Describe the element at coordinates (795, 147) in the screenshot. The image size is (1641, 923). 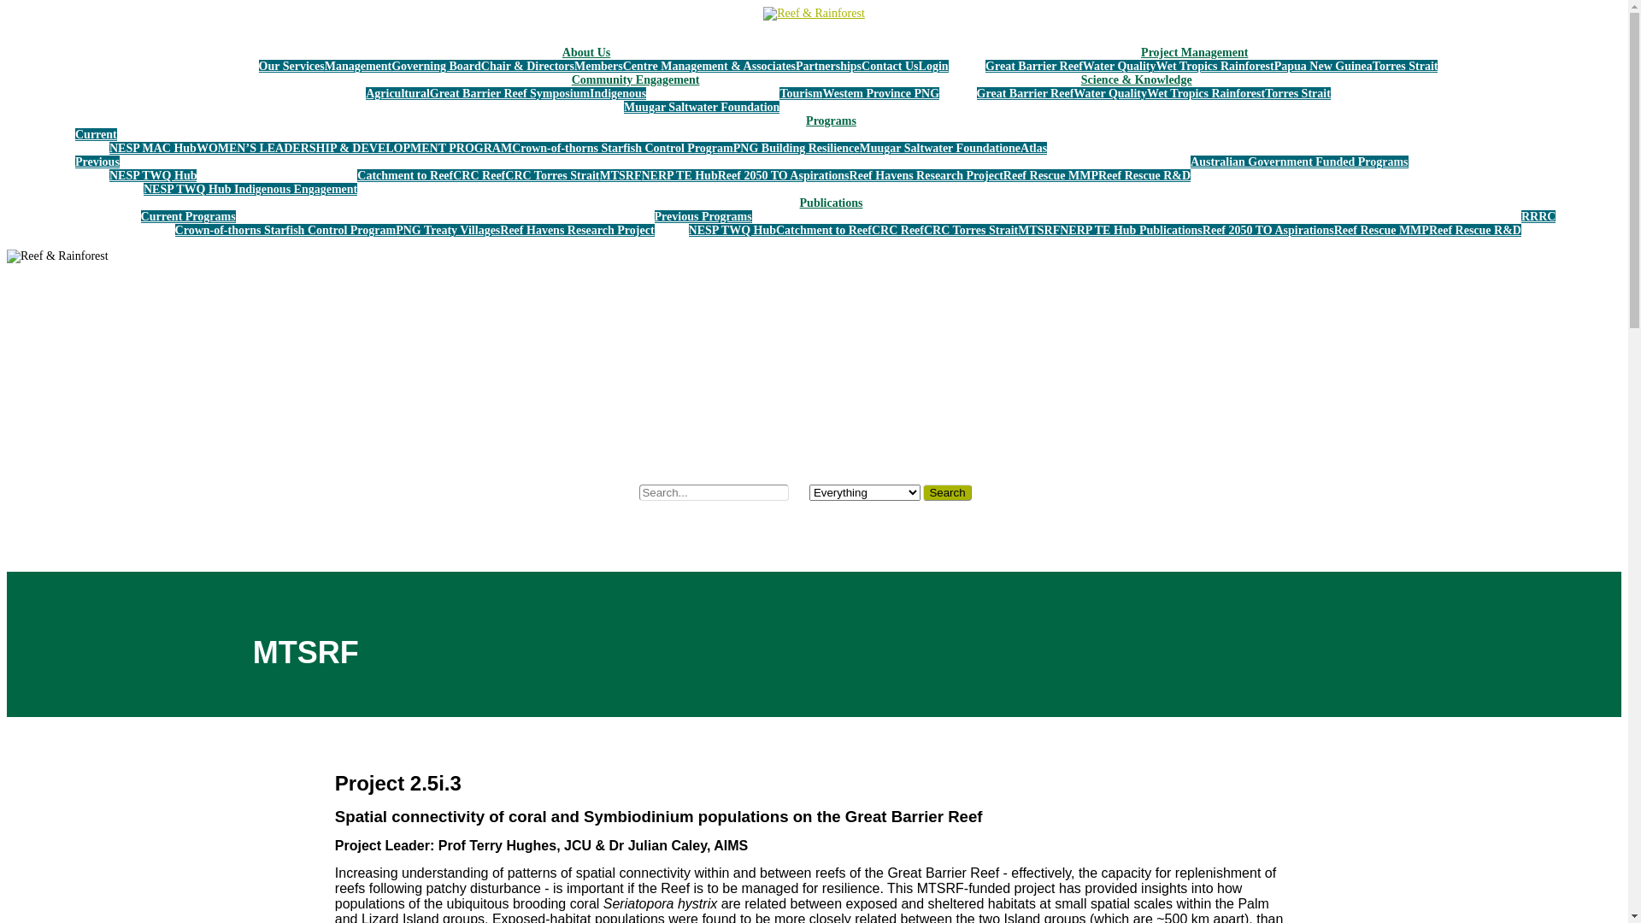
I see `'PNG Building Resilience'` at that location.